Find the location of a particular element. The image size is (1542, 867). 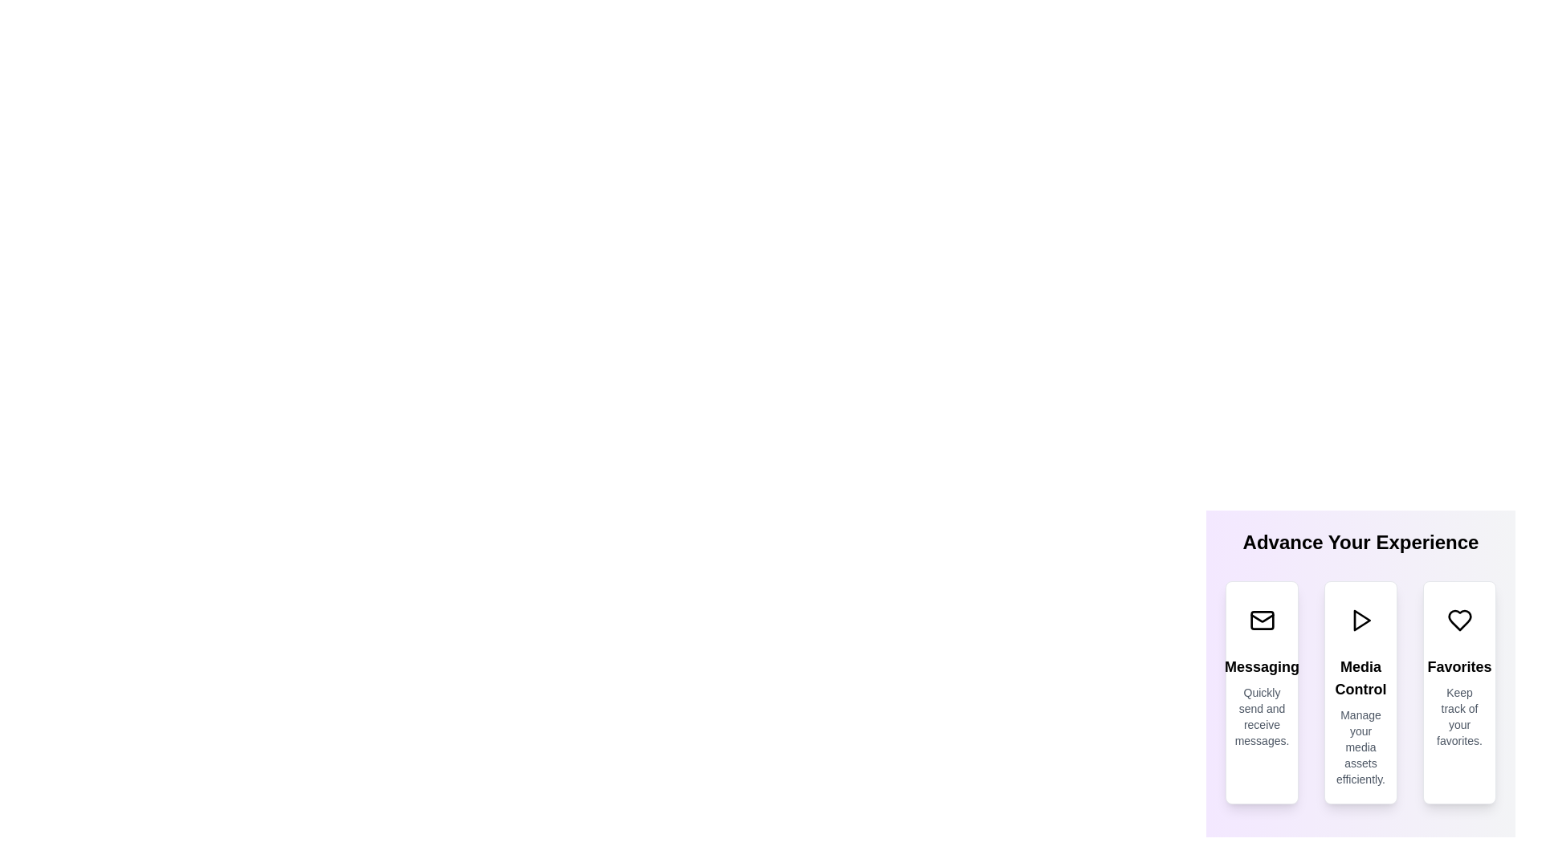

the 'Favorites' card, which is the third item in the grid layout, located to the right of the 'Messaging' and 'Media Control' cards is located at coordinates (1459, 692).